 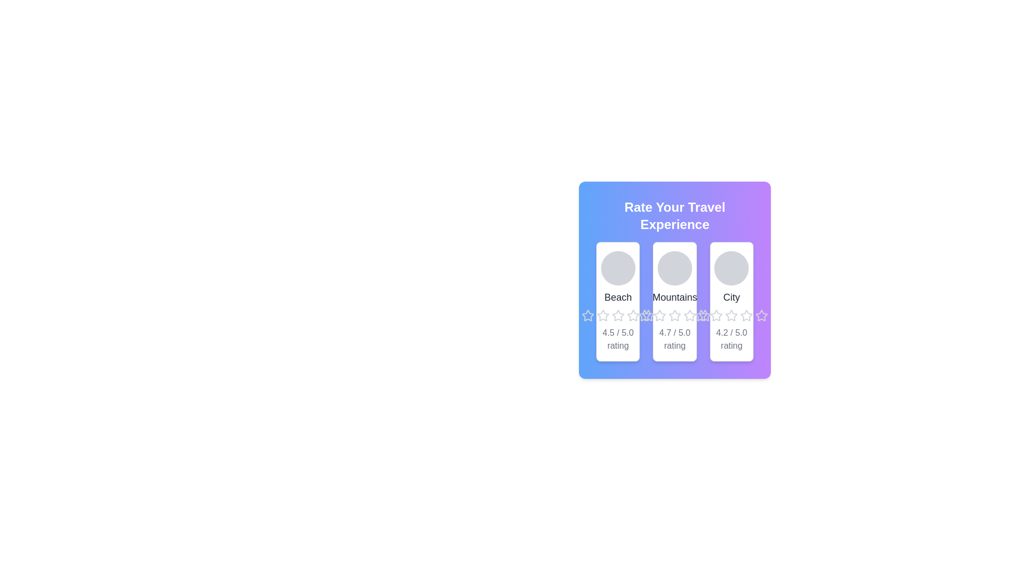 What do you see at coordinates (618, 301) in the screenshot?
I see `the informational card displaying 'Beach' with a rating of 4.5 out of 5, located in the leftmost column of the grid layout` at bounding box center [618, 301].